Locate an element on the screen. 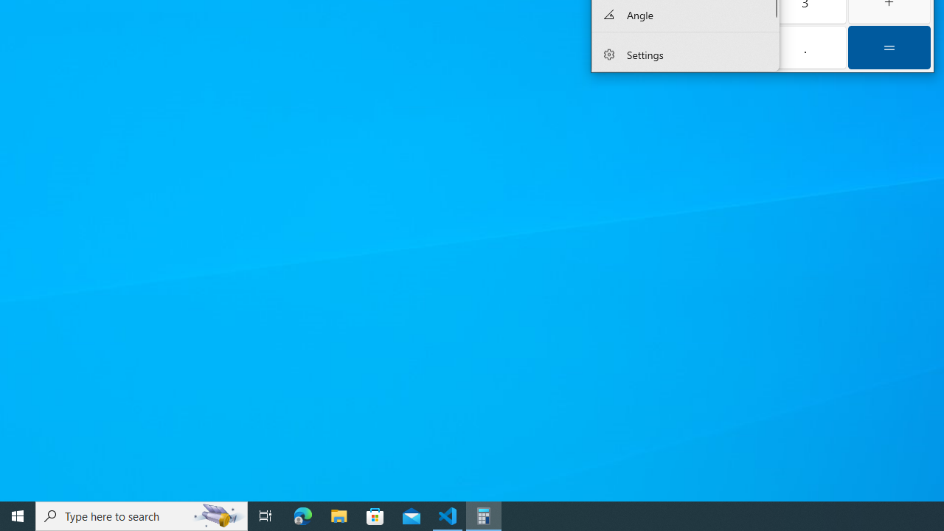 This screenshot has height=531, width=944. 'Visual Studio Code - 1 running window' is located at coordinates (447, 515).